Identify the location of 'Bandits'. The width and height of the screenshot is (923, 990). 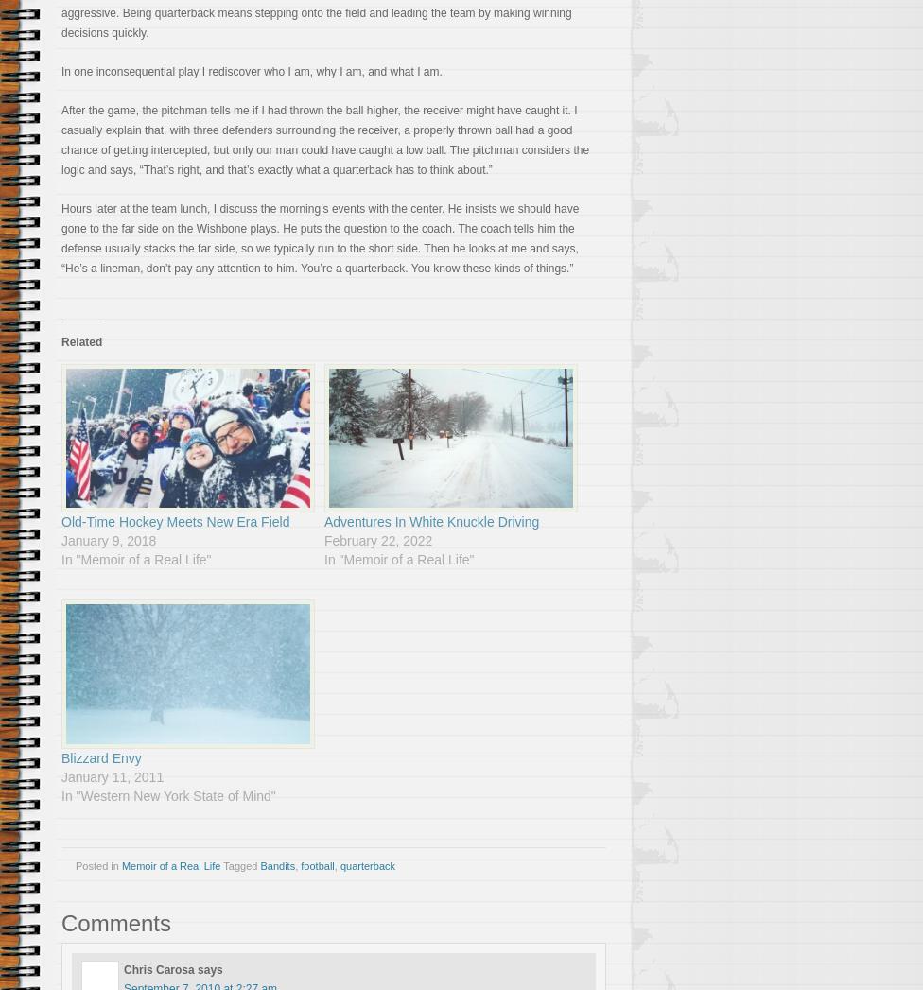
(277, 864).